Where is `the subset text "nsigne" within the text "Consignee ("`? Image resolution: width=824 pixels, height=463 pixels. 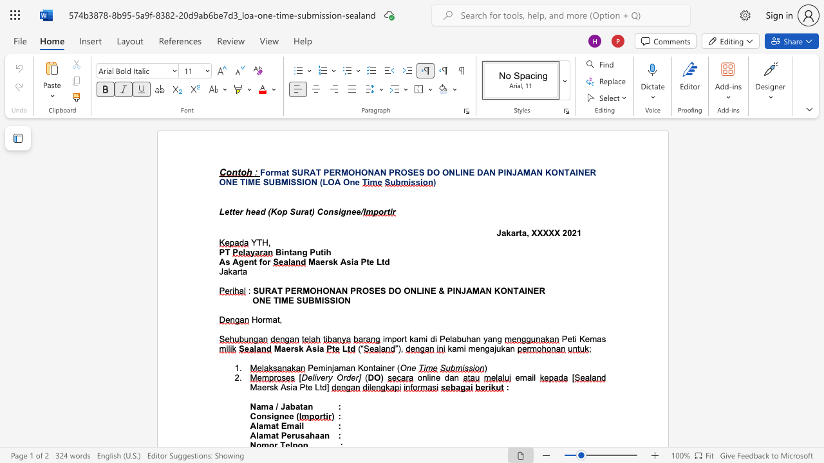
the subset text "nsigne" within the text "Consignee (" is located at coordinates (261, 416).